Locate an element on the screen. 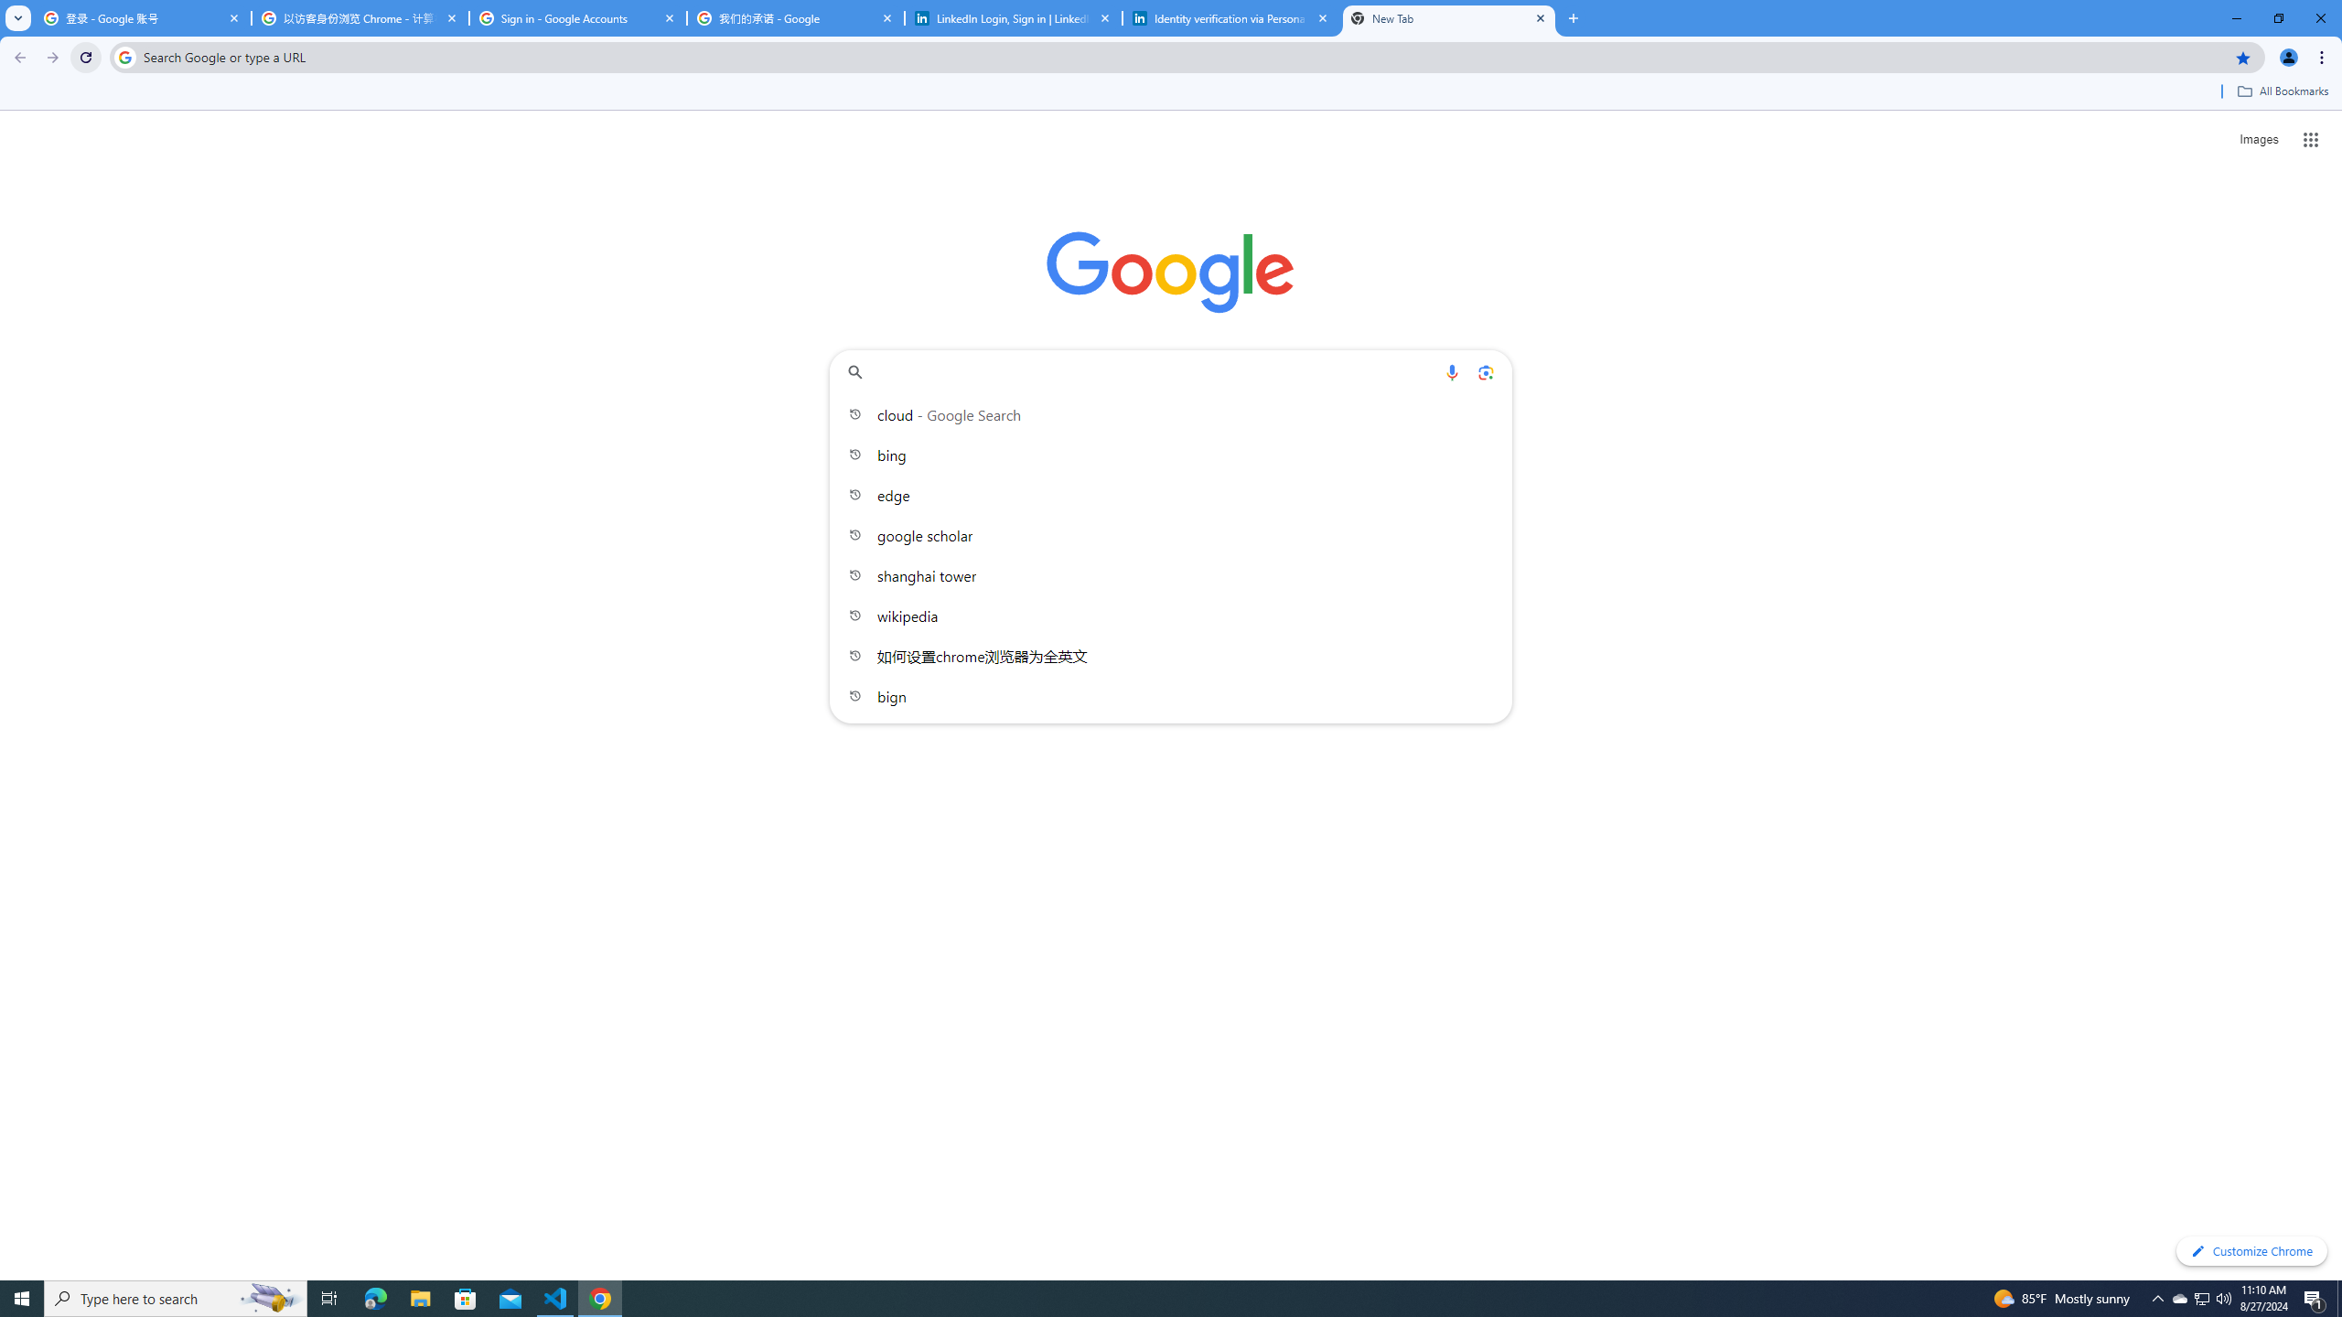 The image size is (2342, 1317). 'Search by voice' is located at coordinates (1451, 370).